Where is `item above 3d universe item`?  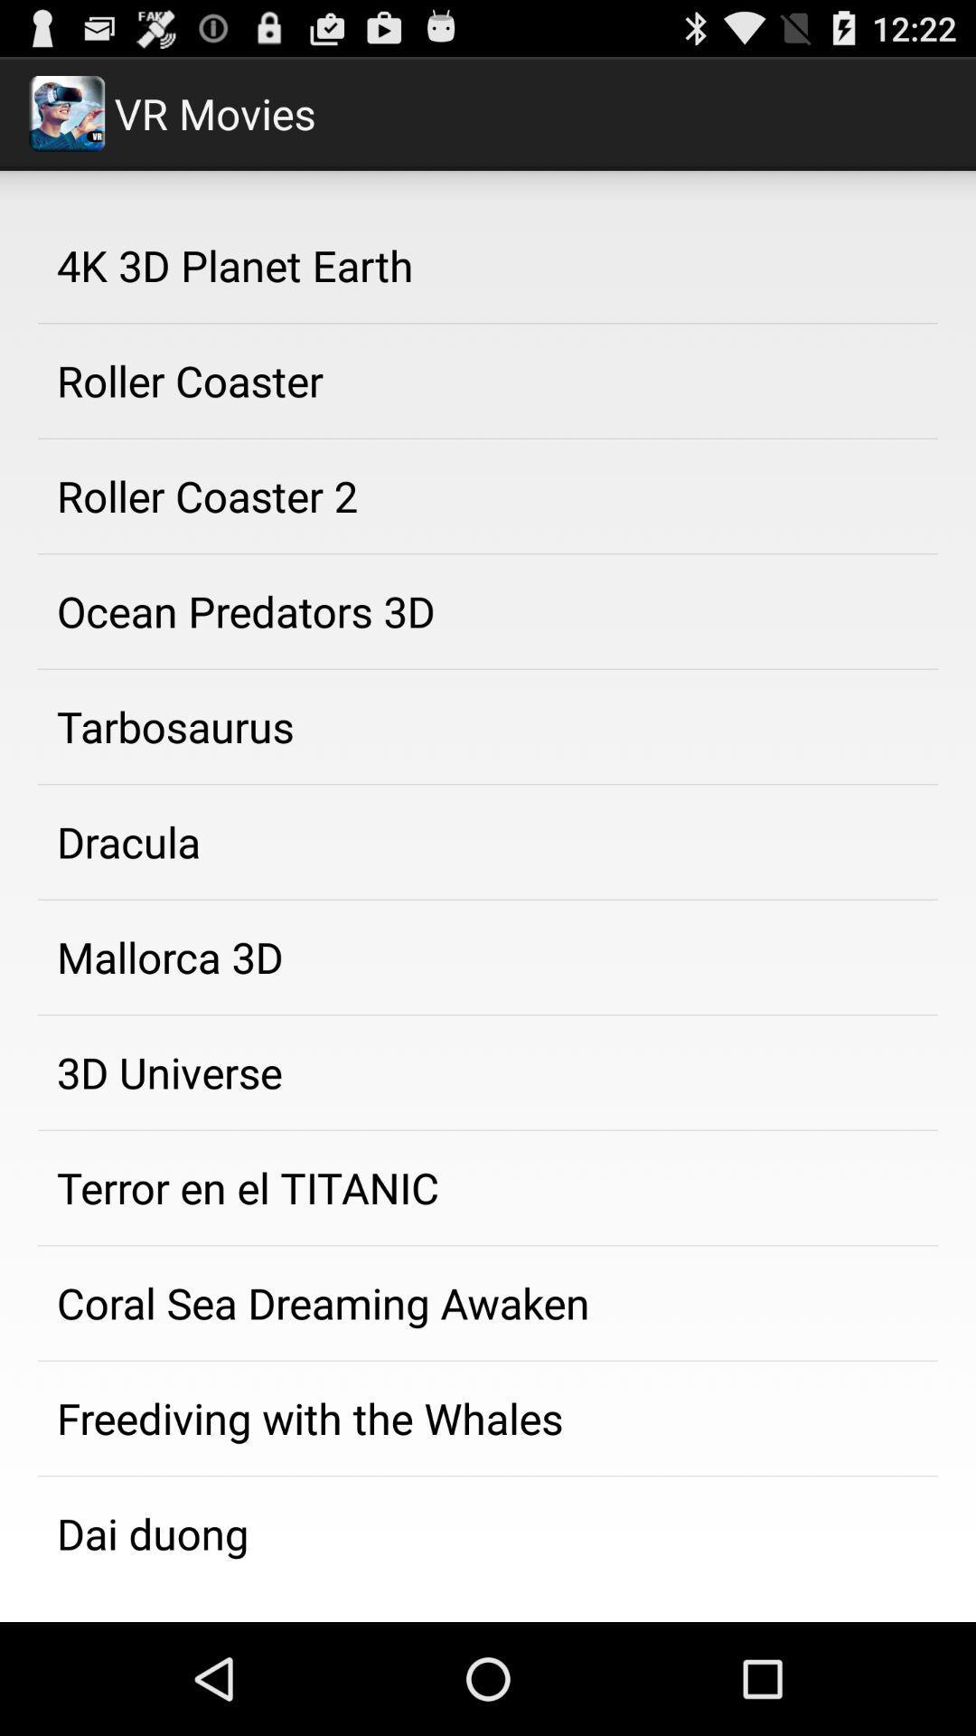 item above 3d universe item is located at coordinates (488, 957).